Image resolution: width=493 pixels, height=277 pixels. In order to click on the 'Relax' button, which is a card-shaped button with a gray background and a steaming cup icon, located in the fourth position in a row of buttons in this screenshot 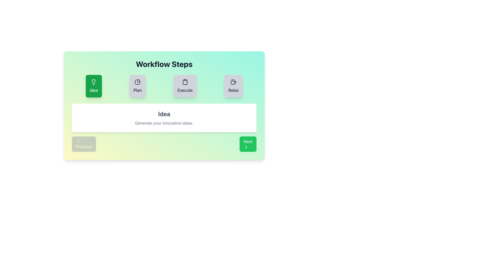, I will do `click(233, 86)`.